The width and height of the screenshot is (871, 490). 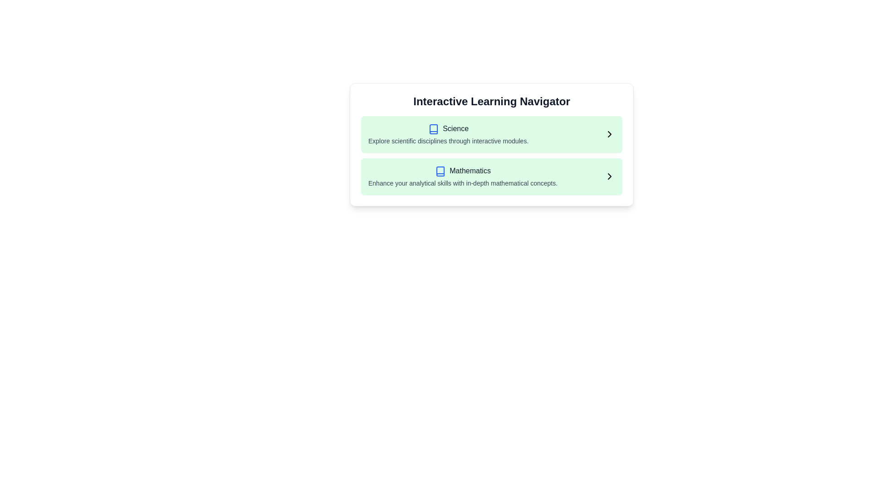 I want to click on the second list item in the selection menu, which serves as a navigational button, so click(x=491, y=176).